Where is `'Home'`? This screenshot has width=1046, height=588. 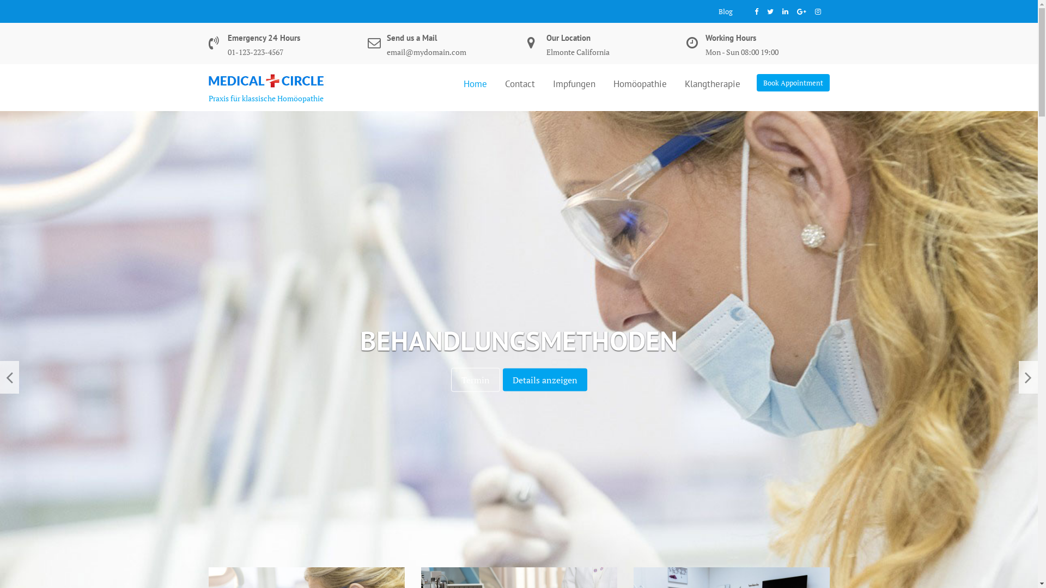 'Home' is located at coordinates (475, 83).